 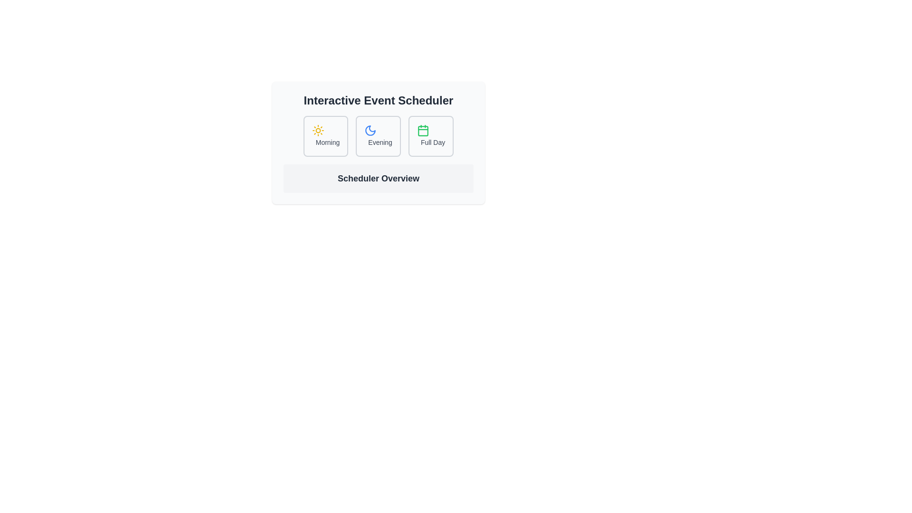 What do you see at coordinates (328, 142) in the screenshot?
I see `the text label displaying 'Morning', which is a small gray font text left-aligned within a clickable card option for 'Morning'` at bounding box center [328, 142].